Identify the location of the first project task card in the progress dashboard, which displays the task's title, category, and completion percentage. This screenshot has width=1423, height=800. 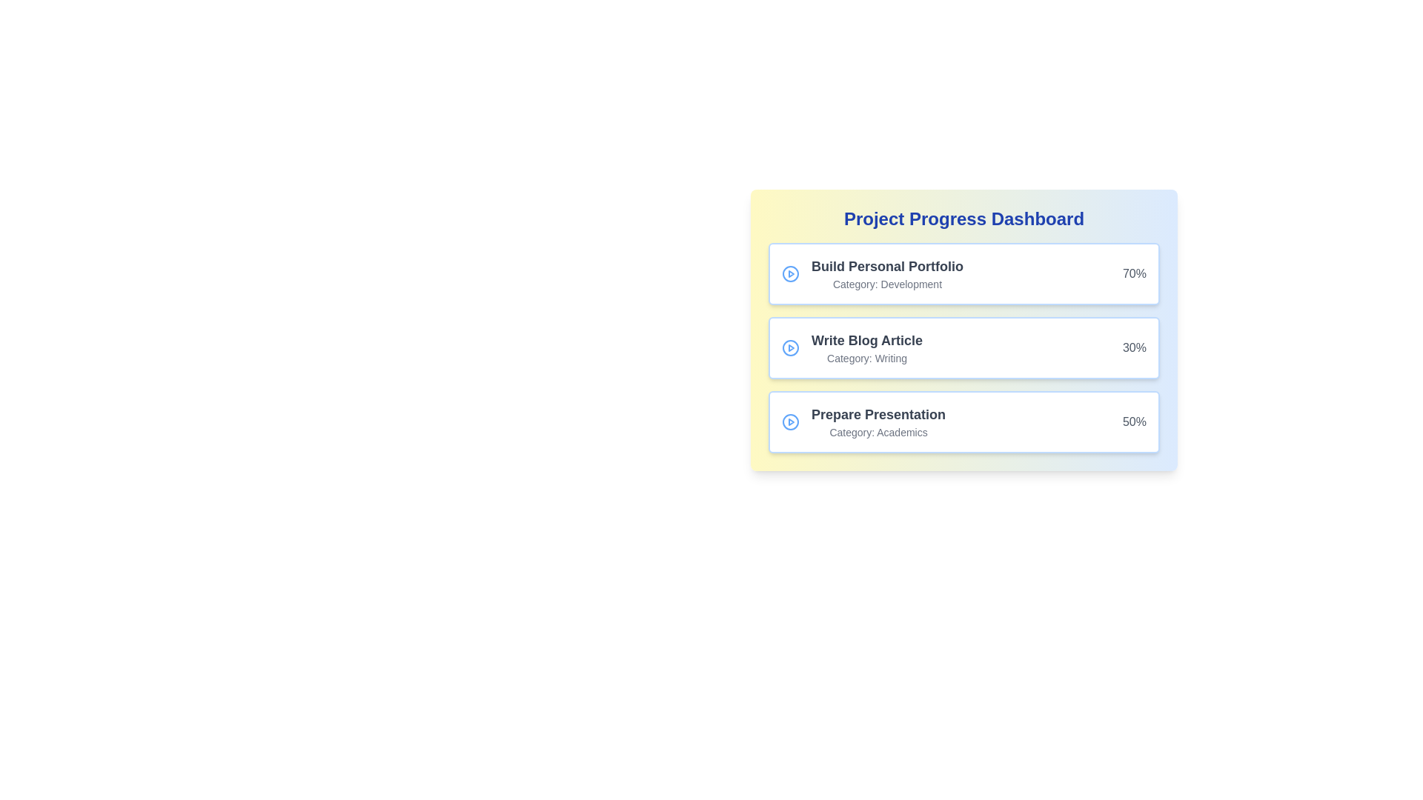
(963, 274).